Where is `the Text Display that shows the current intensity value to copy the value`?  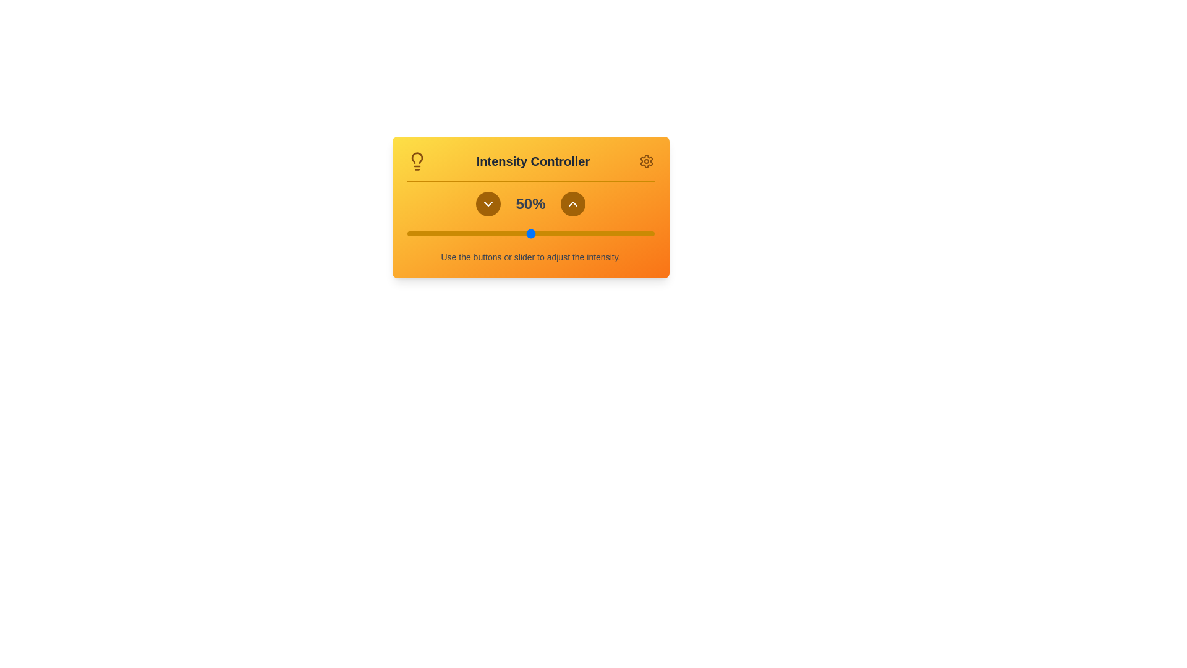 the Text Display that shows the current intensity value to copy the value is located at coordinates (530, 203).